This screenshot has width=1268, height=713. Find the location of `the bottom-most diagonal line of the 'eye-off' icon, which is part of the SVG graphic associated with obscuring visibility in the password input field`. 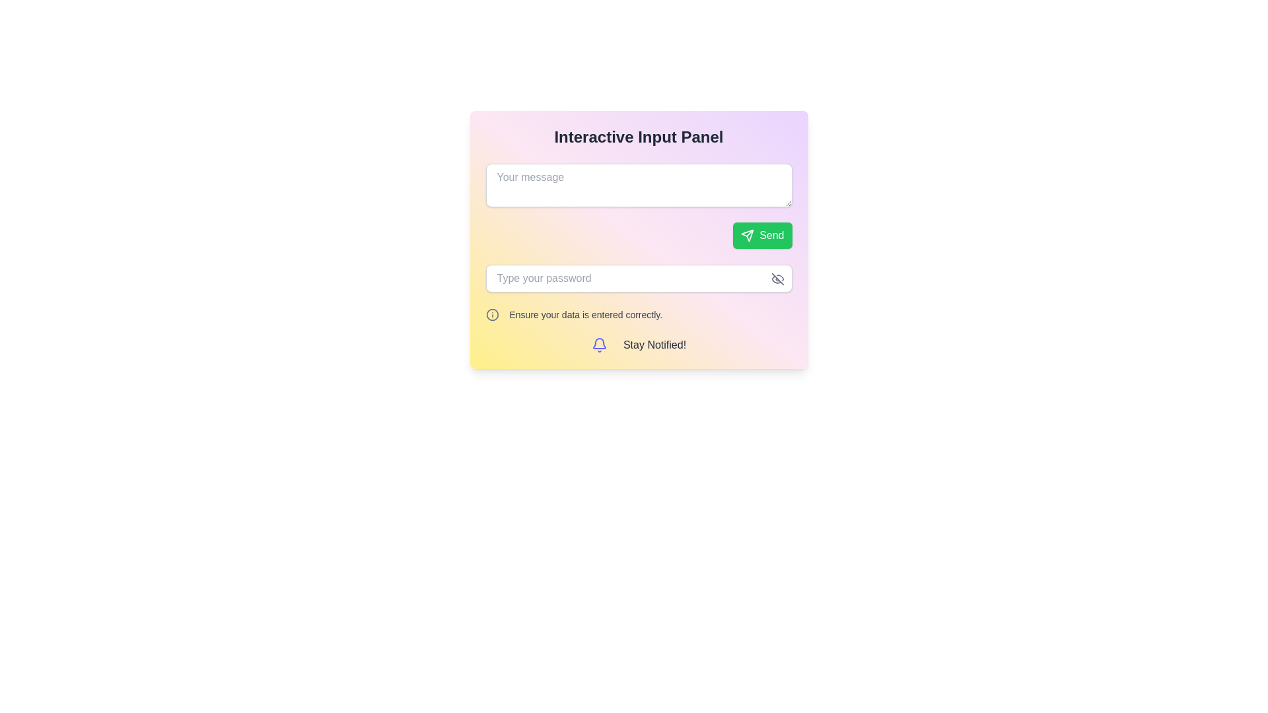

the bottom-most diagonal line of the 'eye-off' icon, which is part of the SVG graphic associated with obscuring visibility in the password input field is located at coordinates (777, 279).